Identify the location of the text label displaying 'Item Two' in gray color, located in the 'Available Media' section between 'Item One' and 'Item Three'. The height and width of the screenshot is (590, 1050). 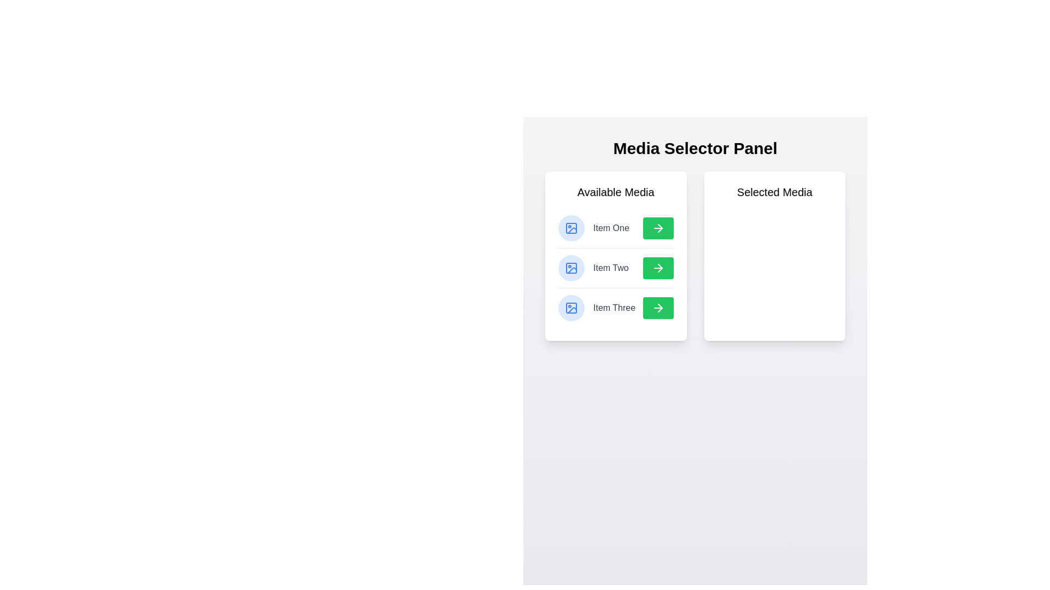
(610, 268).